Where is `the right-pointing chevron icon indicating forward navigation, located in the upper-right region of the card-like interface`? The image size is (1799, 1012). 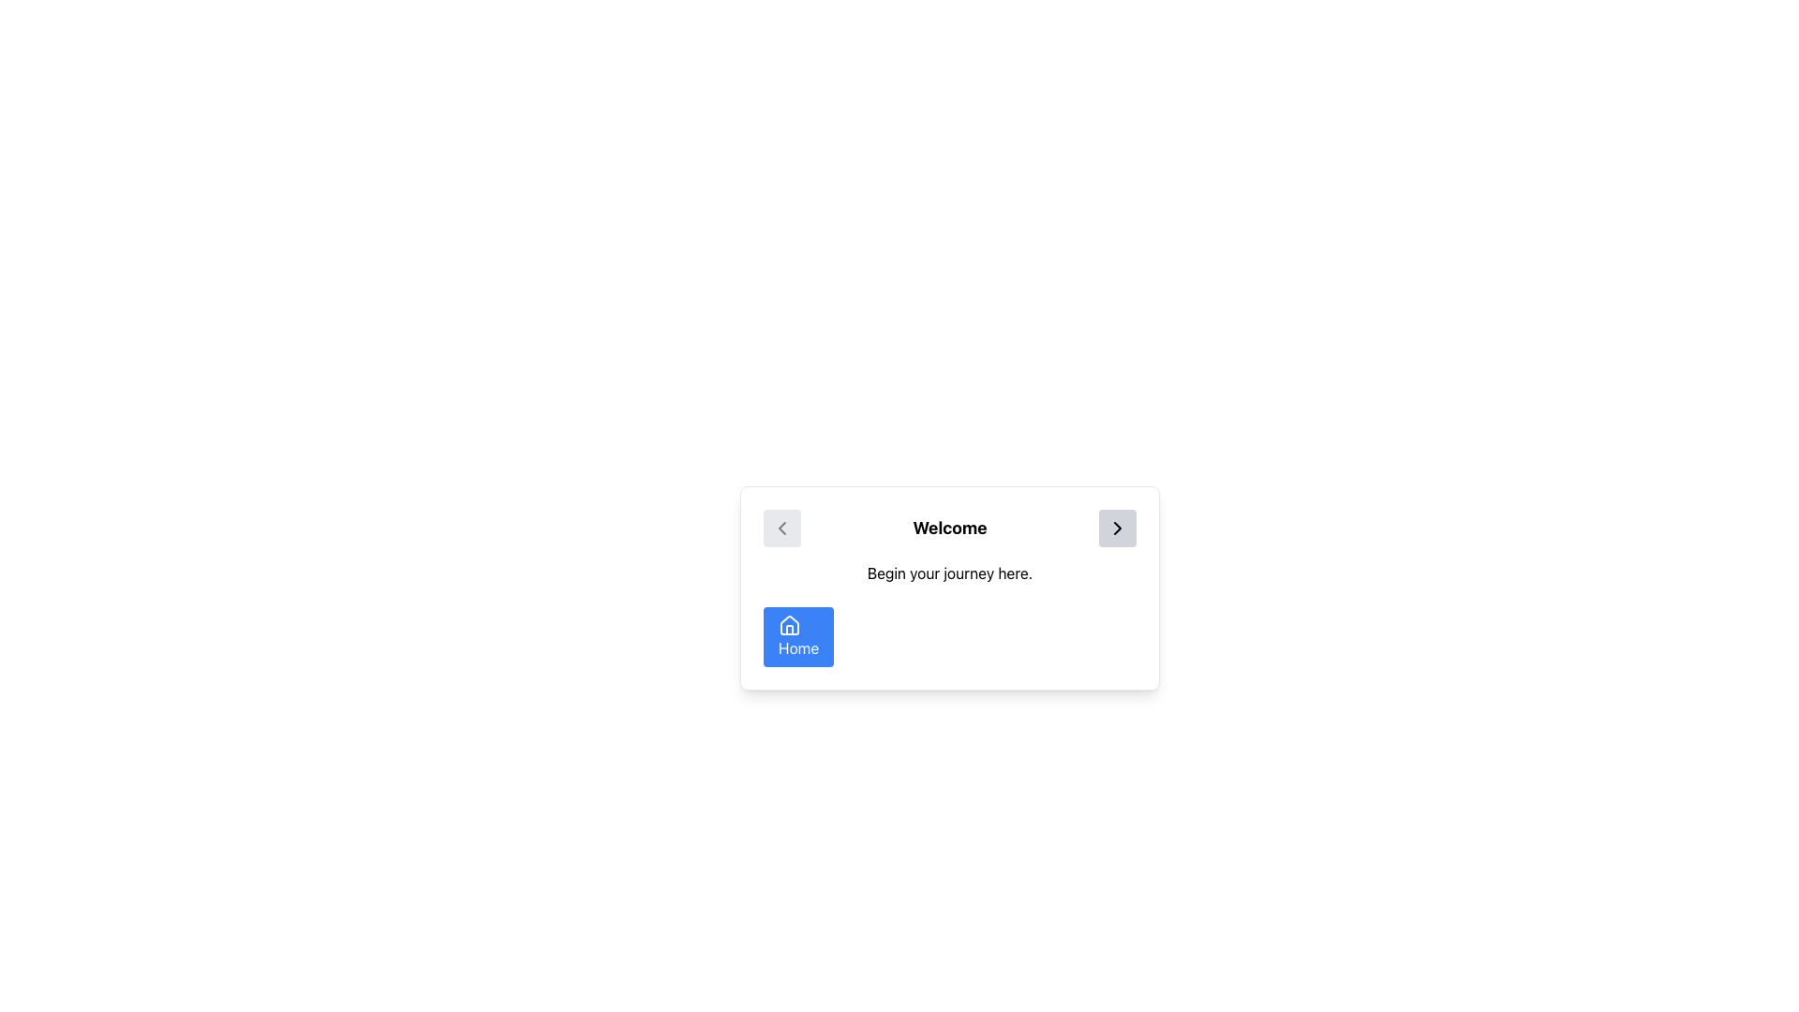
the right-pointing chevron icon indicating forward navigation, located in the upper-right region of the card-like interface is located at coordinates (1117, 528).